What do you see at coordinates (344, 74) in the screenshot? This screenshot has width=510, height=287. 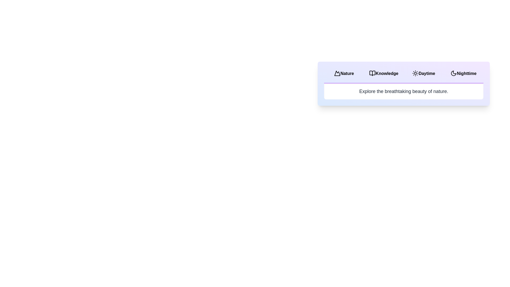 I see `the tab labeled Nature to observe its visual feedback` at bounding box center [344, 74].